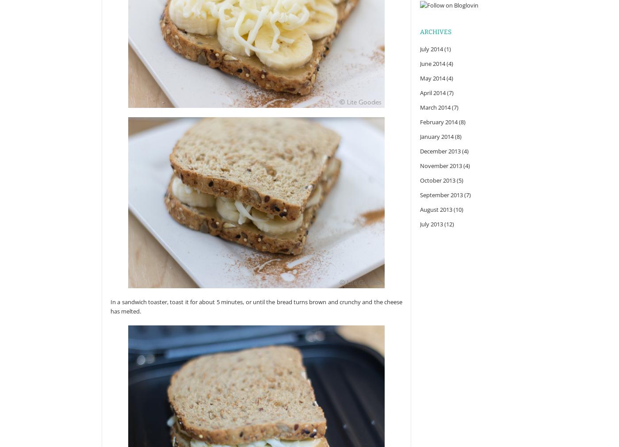 This screenshot has height=447, width=619. I want to click on 'September 2013', so click(420, 194).